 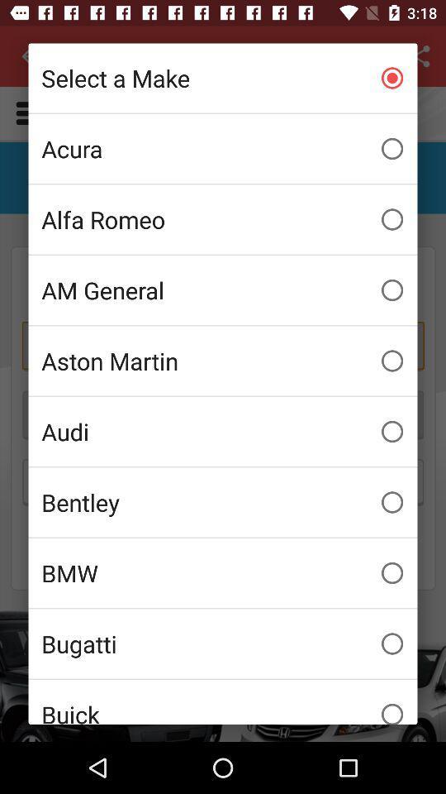 I want to click on bentley icon, so click(x=223, y=501).